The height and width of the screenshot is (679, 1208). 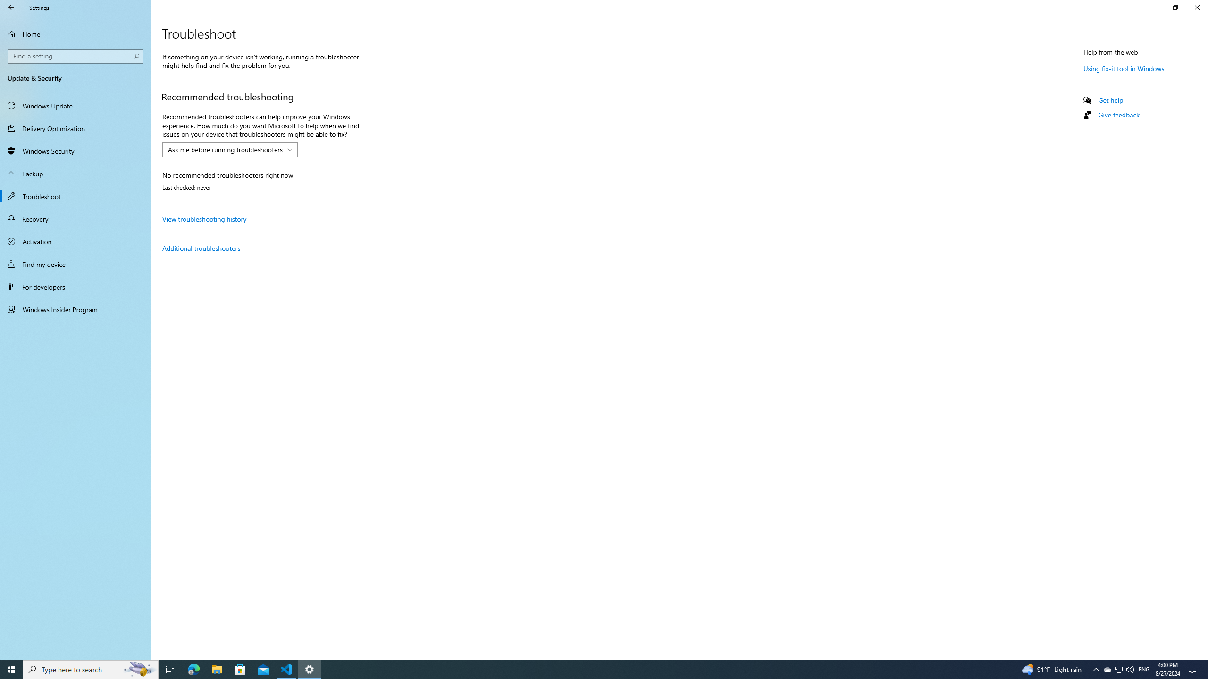 I want to click on 'Get help', so click(x=1110, y=99).